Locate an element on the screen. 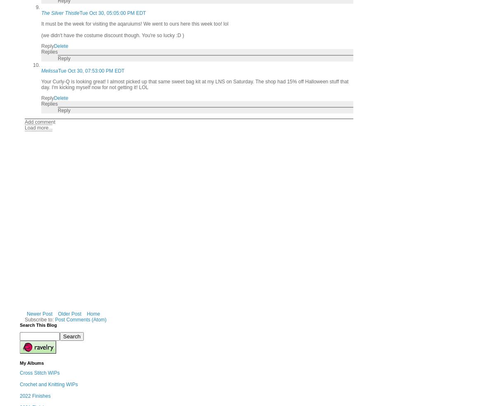  'Your Curly-Q is looking great!  I almost picked up that same sweet bag kit at my LNS on Saturday.  The shop had 15% off Halloween stuff that day.  I'm kicking myself now for not getting it!  LOL' is located at coordinates (194, 84).